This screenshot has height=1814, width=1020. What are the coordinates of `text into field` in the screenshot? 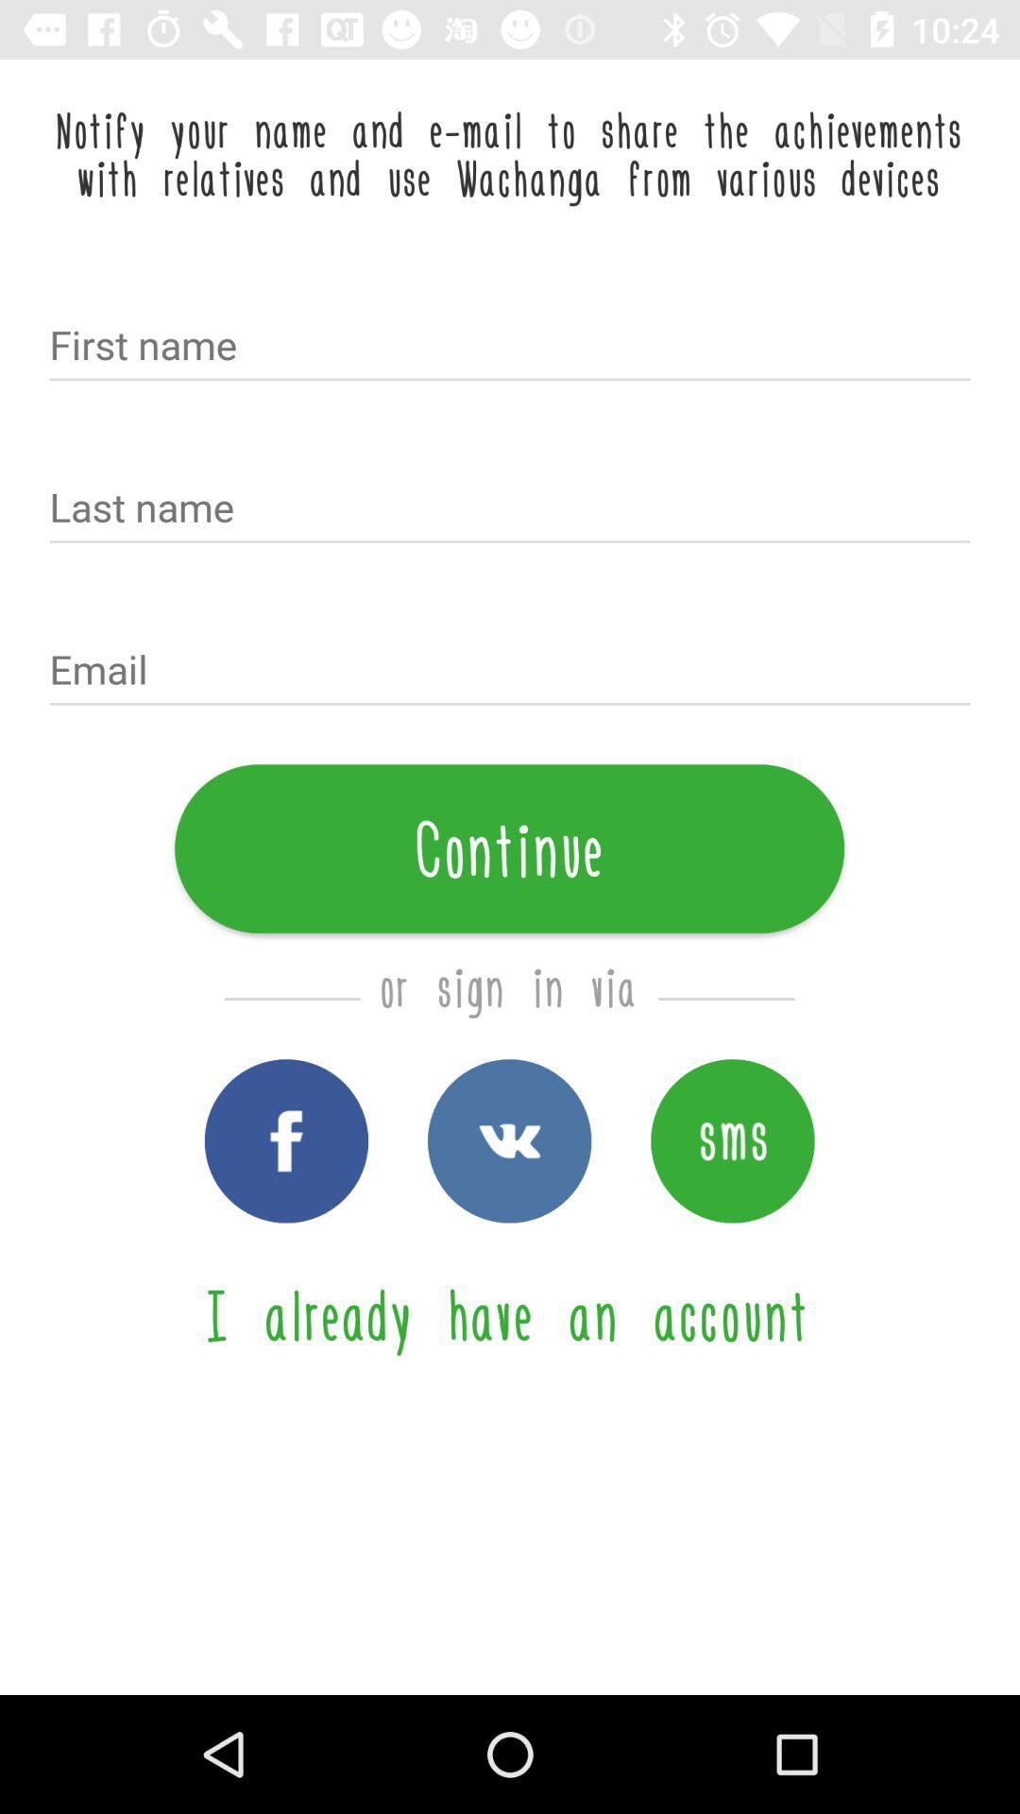 It's located at (510, 347).